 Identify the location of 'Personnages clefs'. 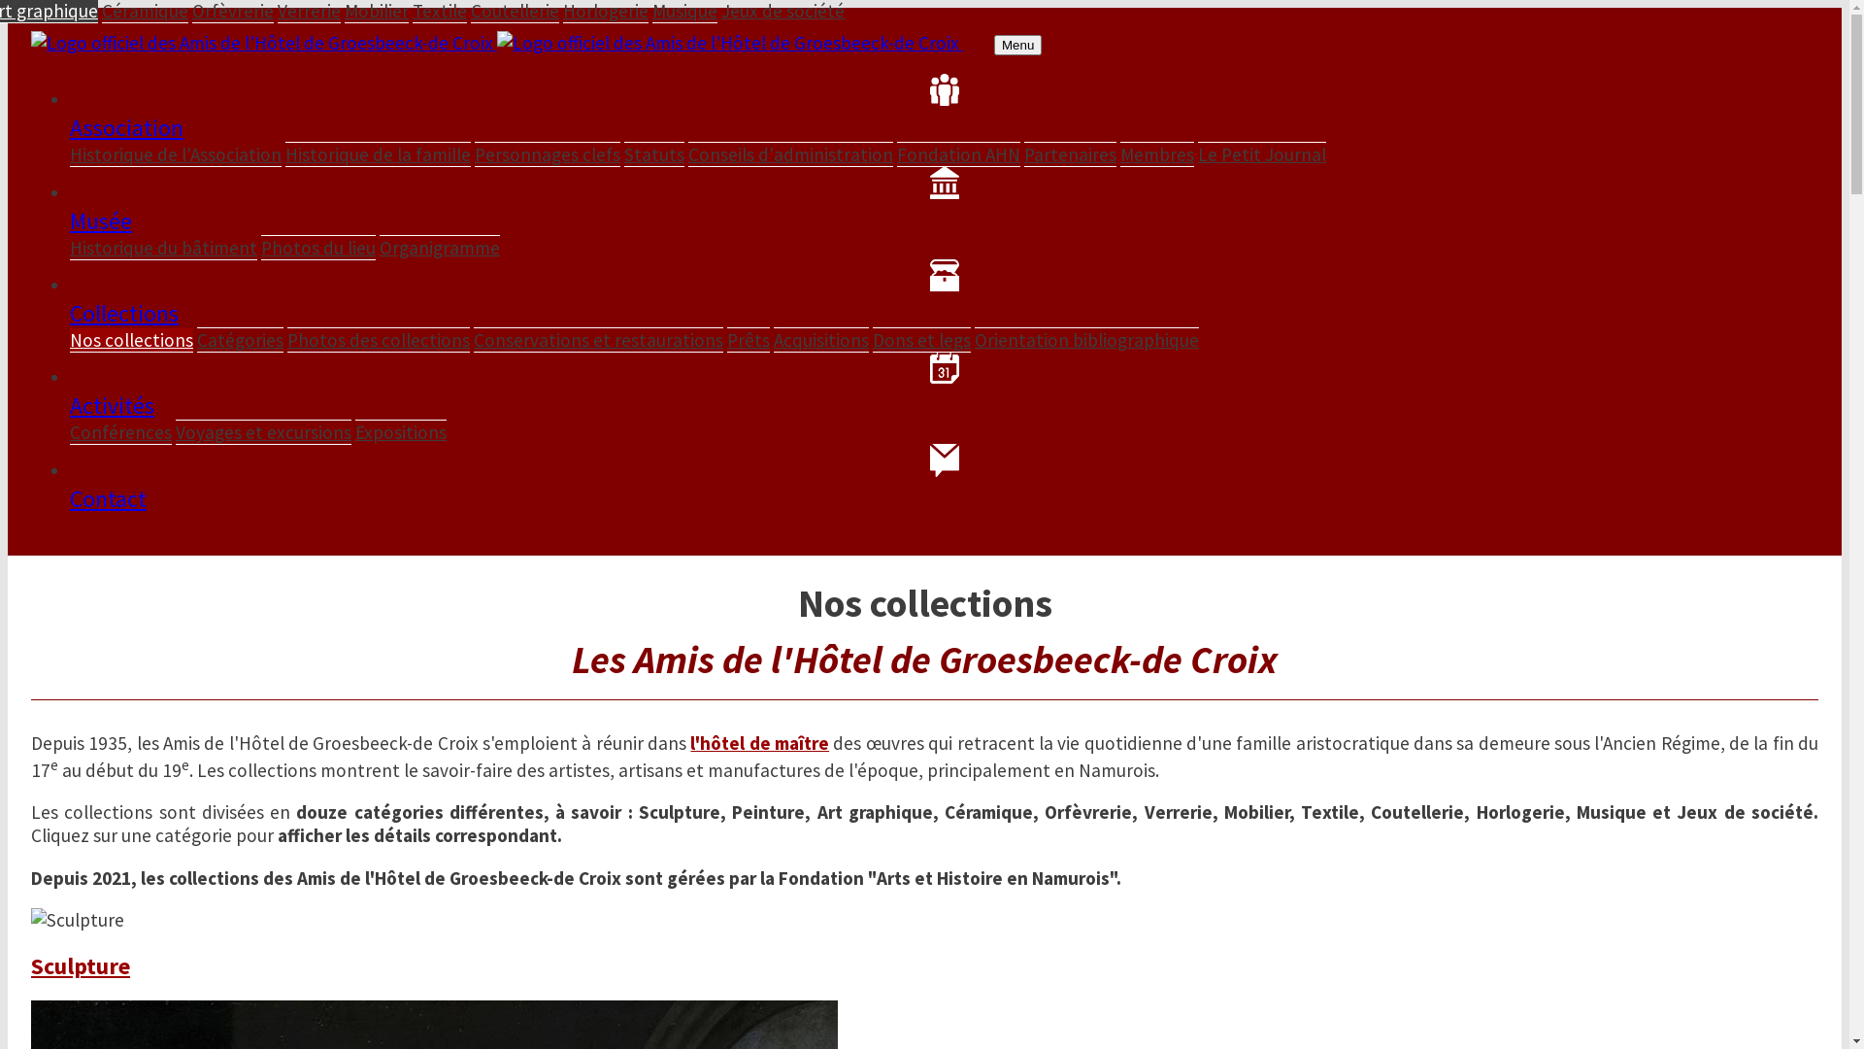
(475, 152).